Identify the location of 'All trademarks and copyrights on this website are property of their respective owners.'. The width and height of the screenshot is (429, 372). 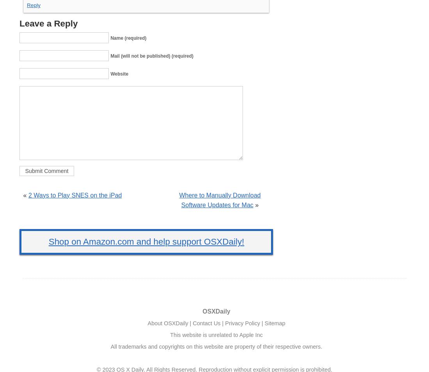
(216, 346).